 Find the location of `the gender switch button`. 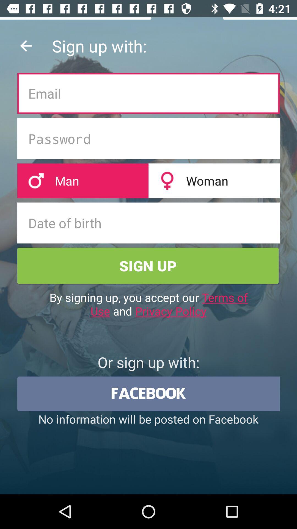

the gender switch button is located at coordinates (148, 181).